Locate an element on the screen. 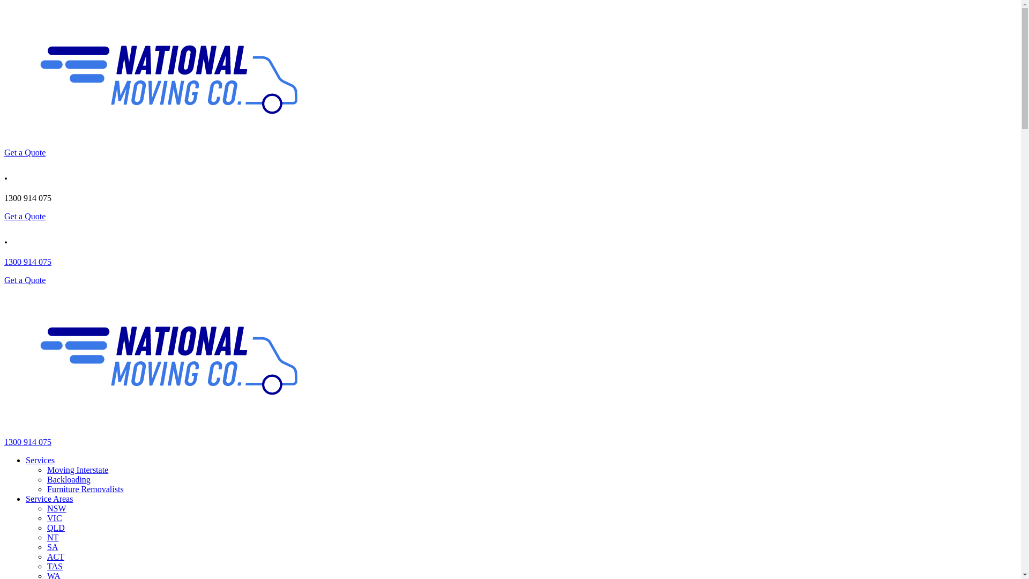 This screenshot has width=1029, height=579. '1300 914 075' is located at coordinates (28, 442).